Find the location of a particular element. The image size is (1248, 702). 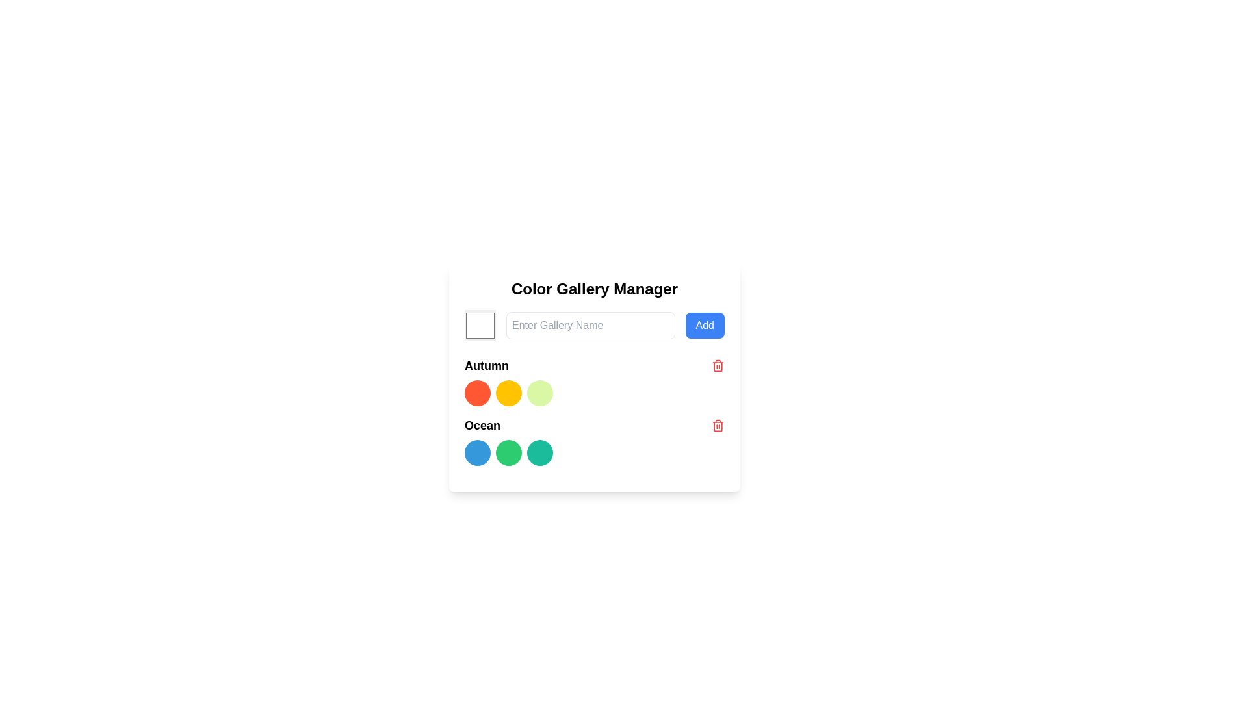

the first circular blue button located in the Ocean section of the interface is located at coordinates (476, 452).